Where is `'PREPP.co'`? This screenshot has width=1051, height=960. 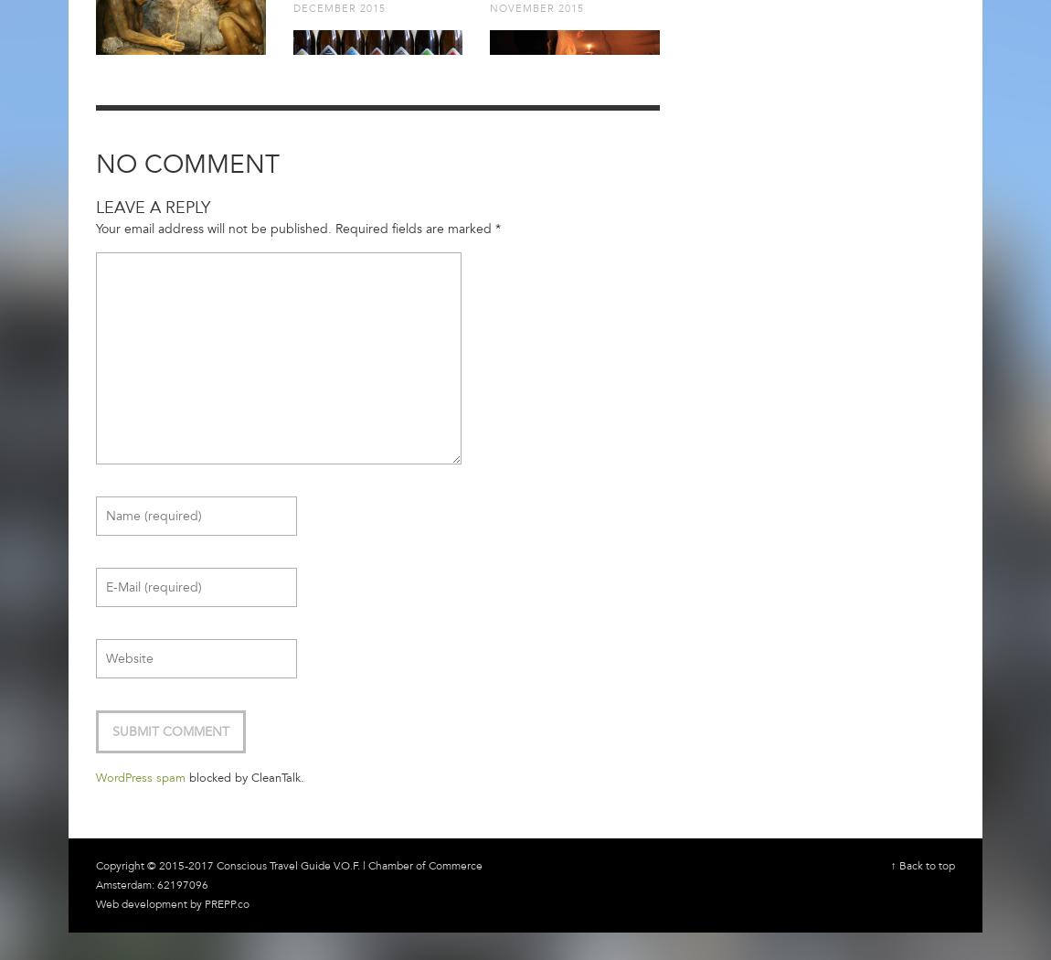 'PREPP.co' is located at coordinates (204, 903).